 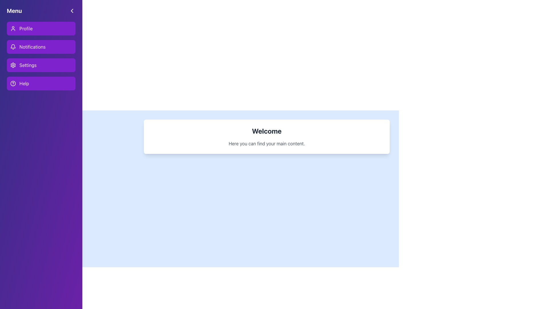 What do you see at coordinates (72, 11) in the screenshot?
I see `the left-facing chevron icon button located in the top-right corner of the side menu panel` at bounding box center [72, 11].